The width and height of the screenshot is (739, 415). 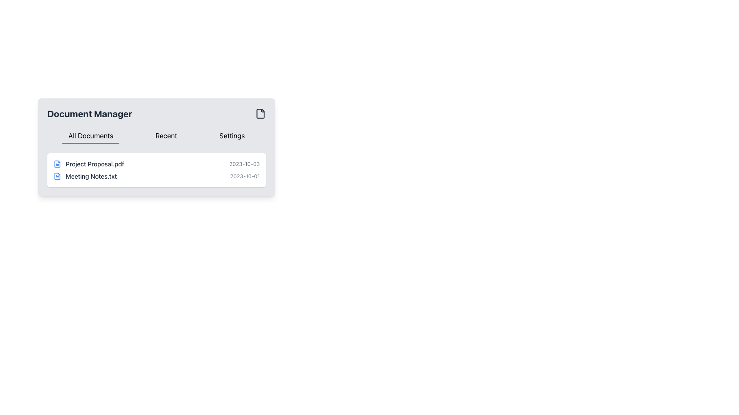 I want to click on to select the row item labeled 'Project Proposal.pdf' in the Document Manager file list, so click(x=156, y=164).